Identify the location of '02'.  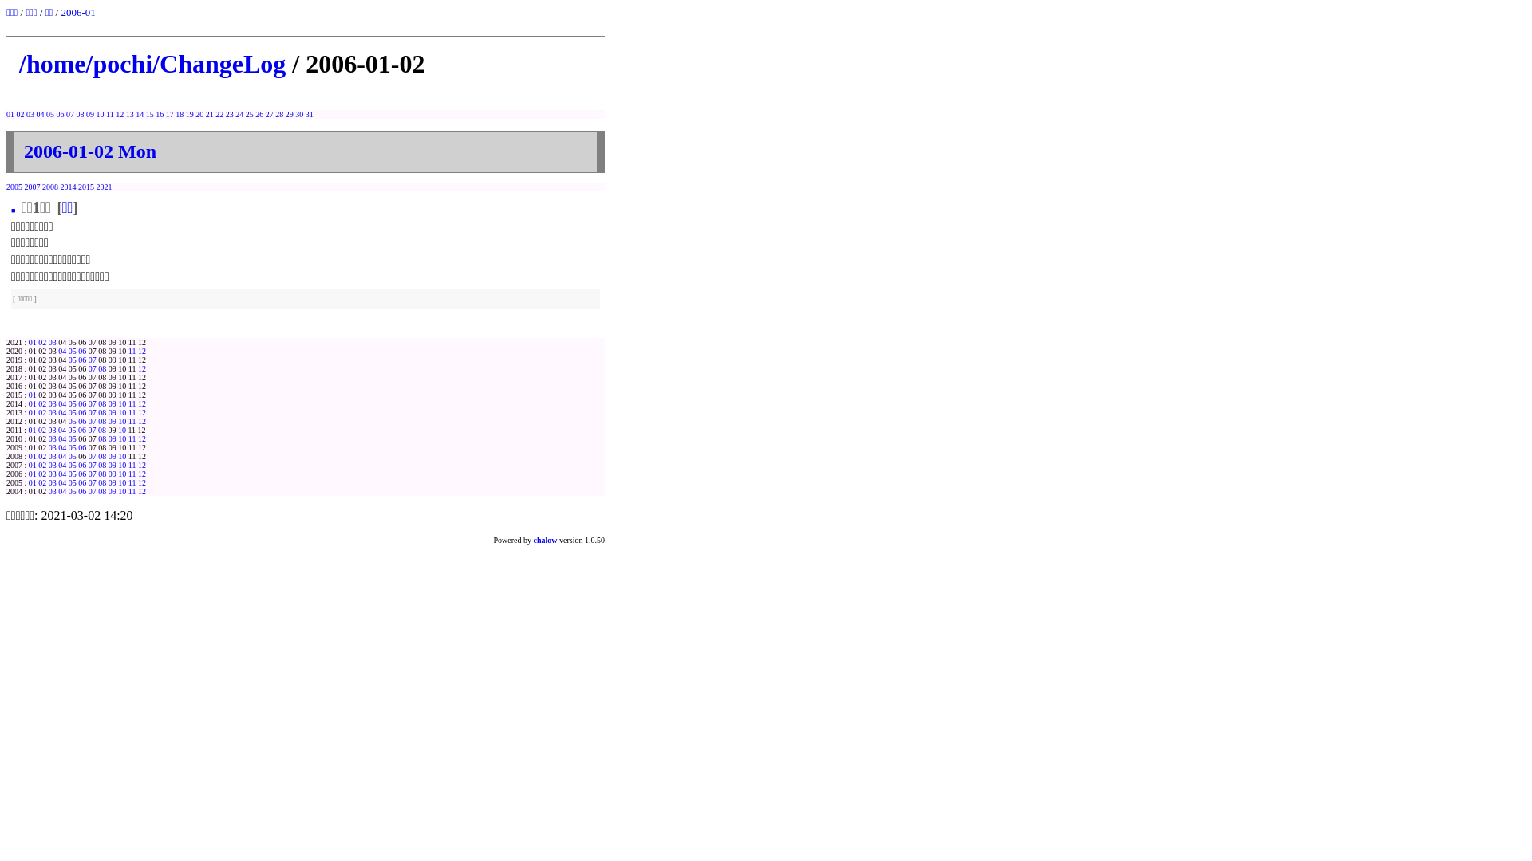
(19, 113).